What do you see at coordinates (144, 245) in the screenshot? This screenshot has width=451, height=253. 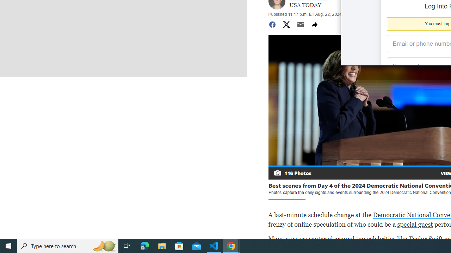 I see `'Microsoft Edge'` at bounding box center [144, 245].